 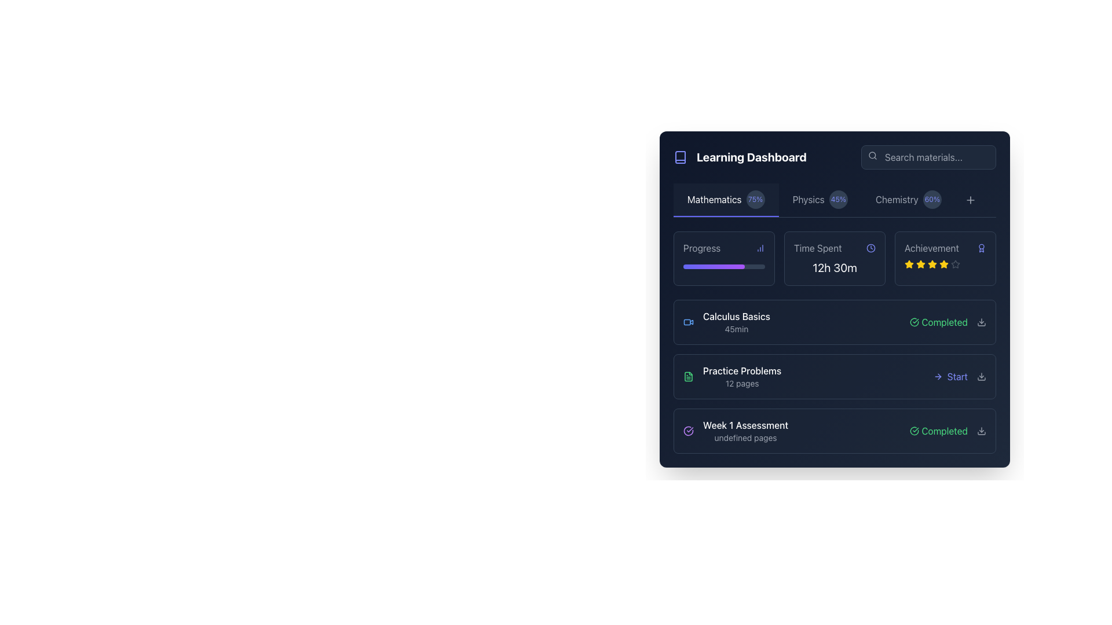 I want to click on the 'Mathematics' tab in the navigation bar, so click(x=725, y=200).